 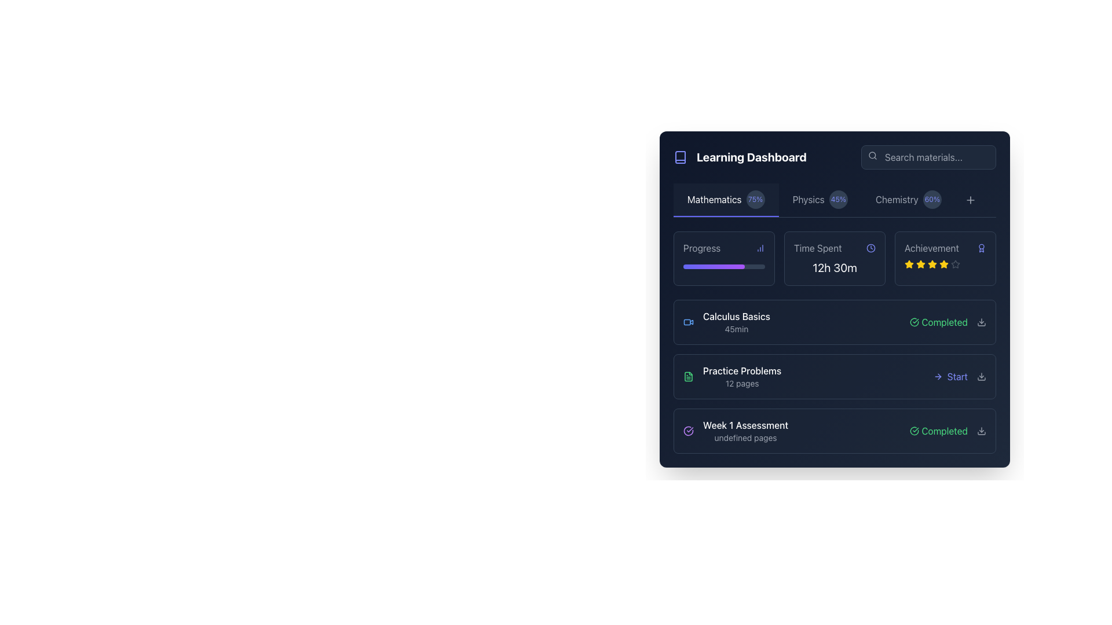 I want to click on the 'Mathematics' tab in the navigation bar, so click(x=725, y=200).